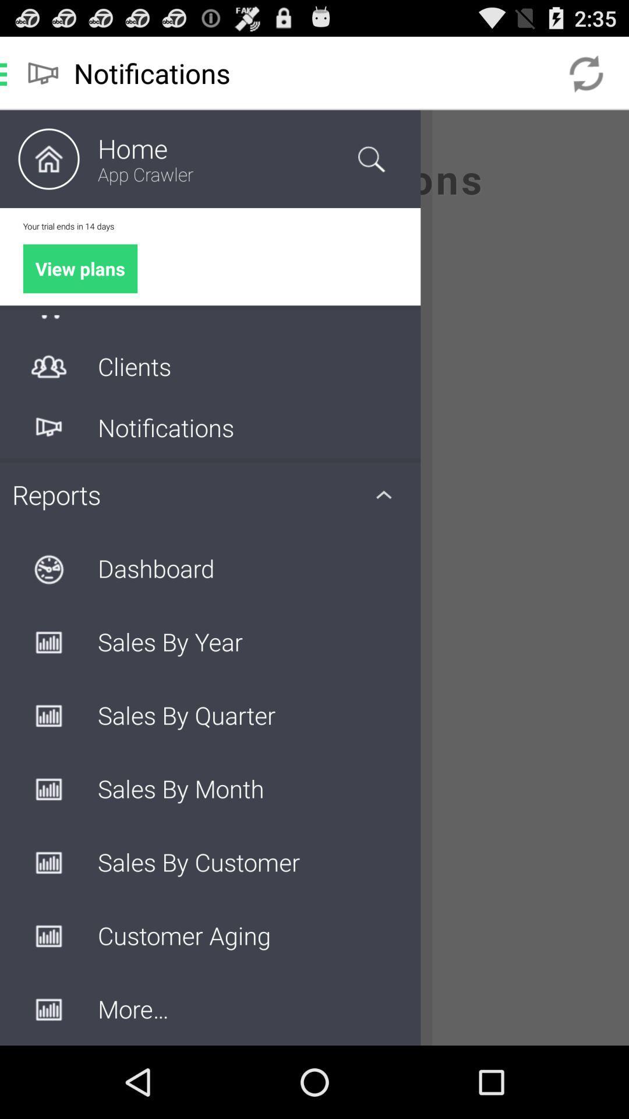  Describe the element at coordinates (384, 495) in the screenshot. I see `the icon right to the reports` at that location.